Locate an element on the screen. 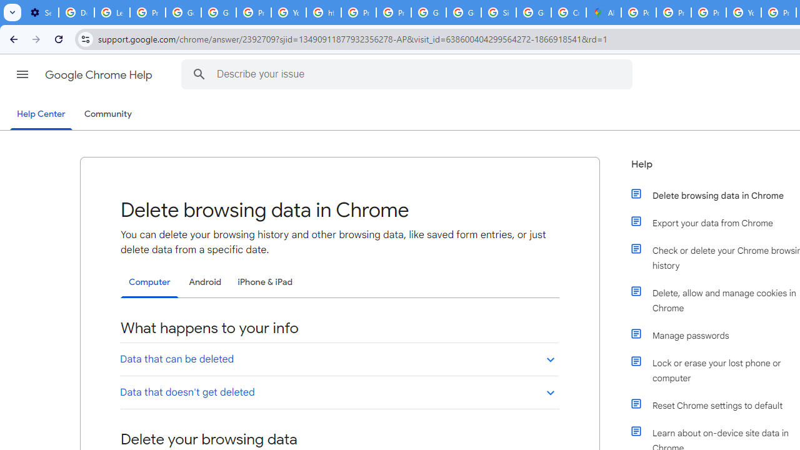 The image size is (800, 450). 'Help Center' is located at coordinates (41, 114).